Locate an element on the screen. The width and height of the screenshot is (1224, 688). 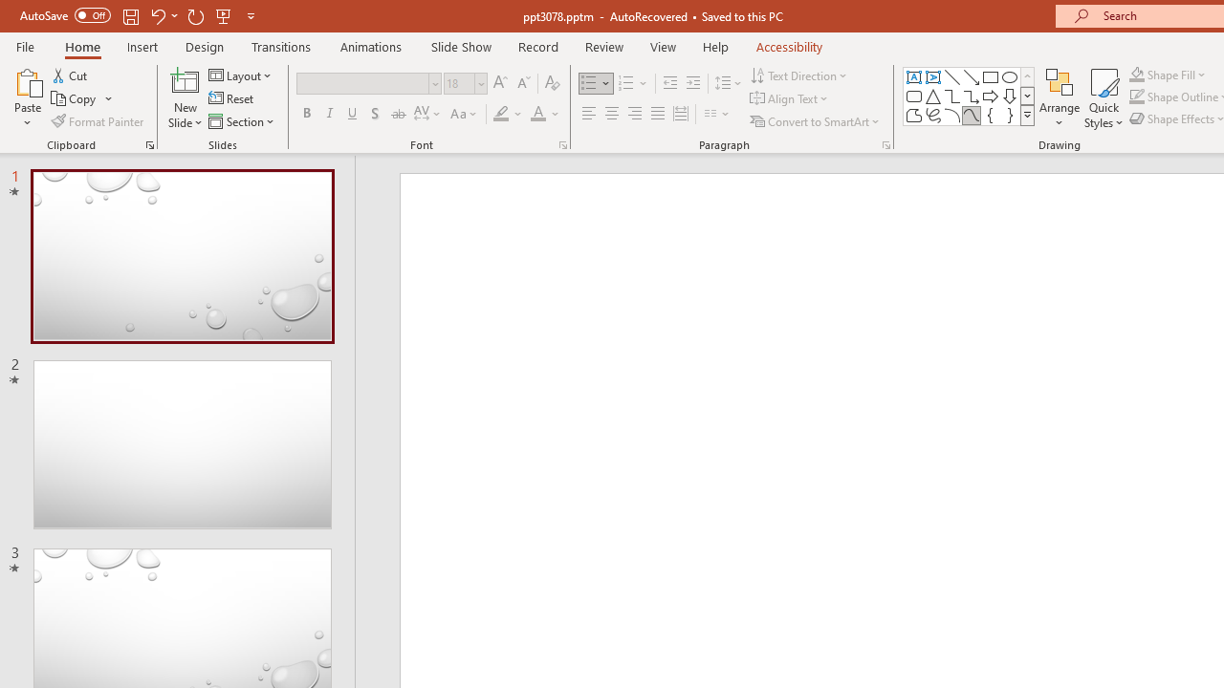
'Line Spacing' is located at coordinates (728, 82).